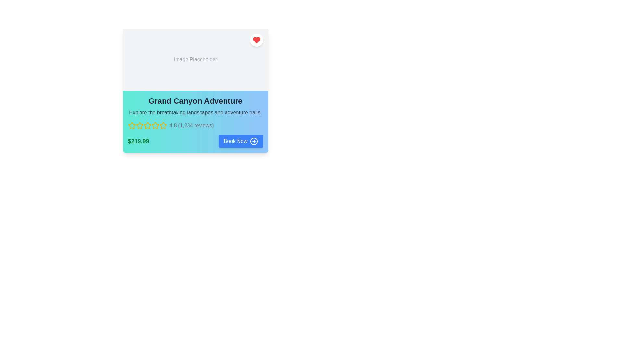 This screenshot has height=350, width=623. What do you see at coordinates (195, 60) in the screenshot?
I see `the text label that serves as a placeholder for an image, located at the center of a card-like component in the top section` at bounding box center [195, 60].